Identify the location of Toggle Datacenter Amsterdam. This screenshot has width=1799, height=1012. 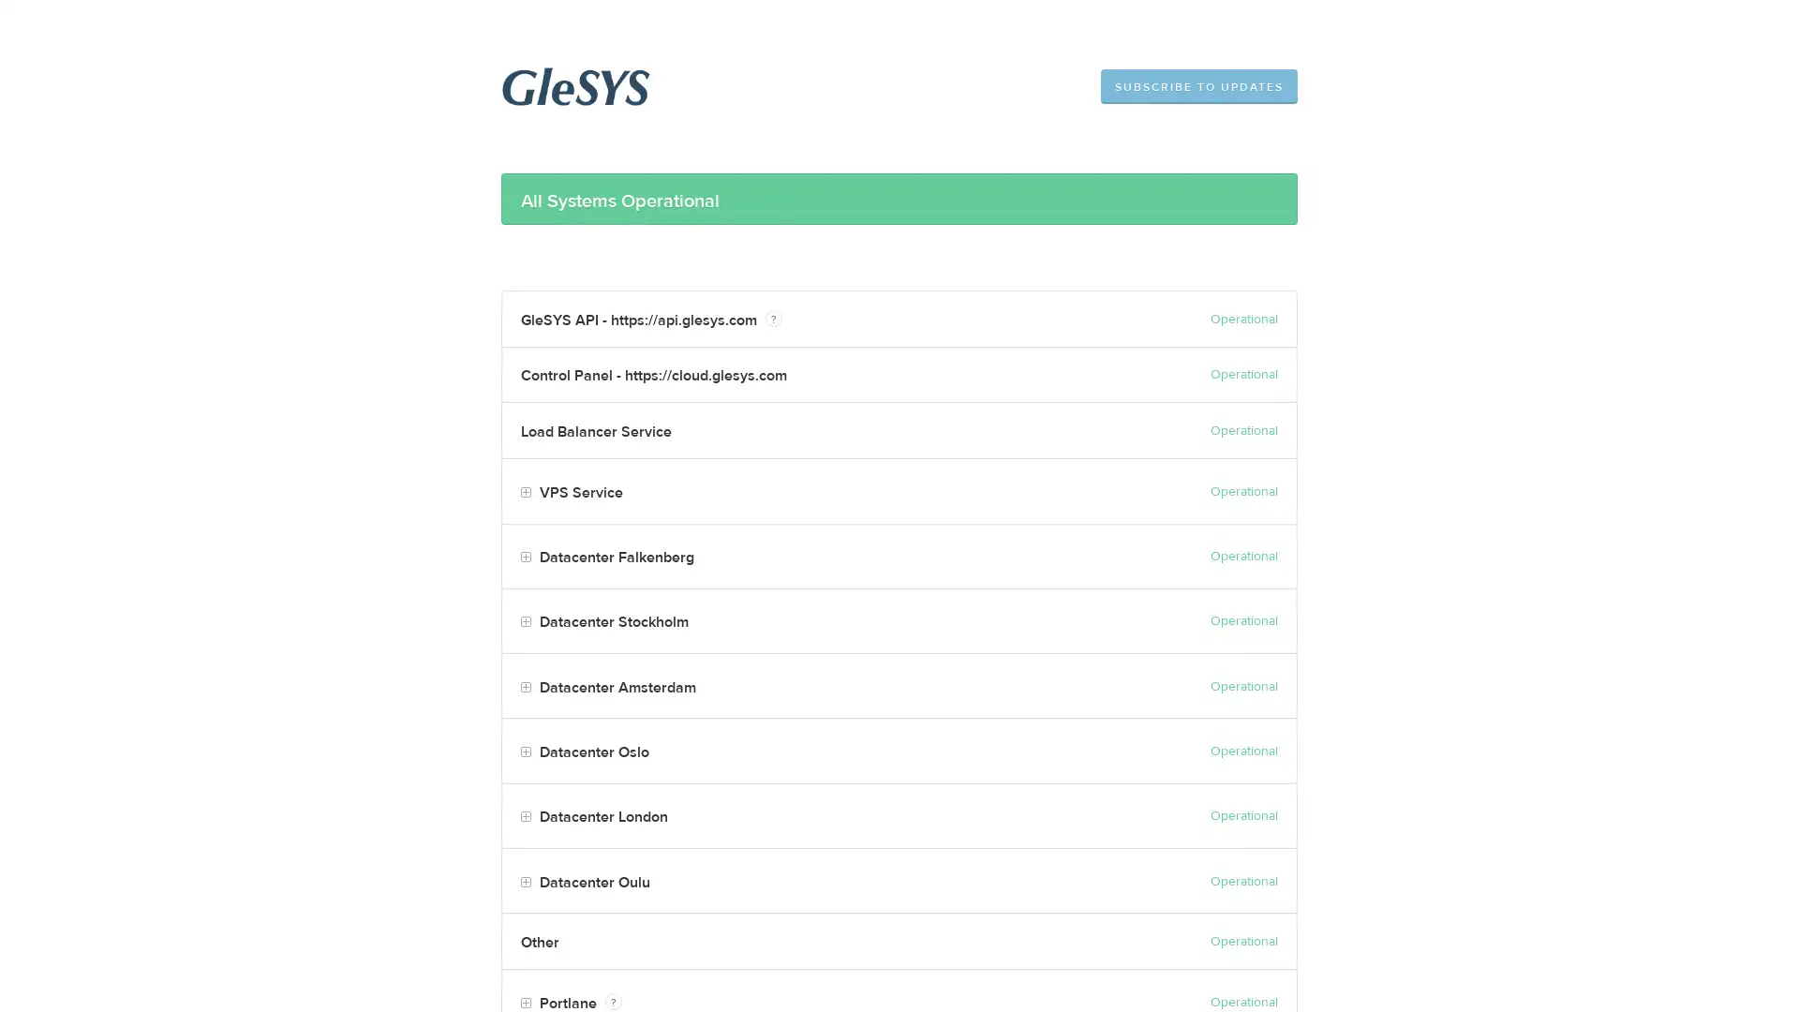
(525, 687).